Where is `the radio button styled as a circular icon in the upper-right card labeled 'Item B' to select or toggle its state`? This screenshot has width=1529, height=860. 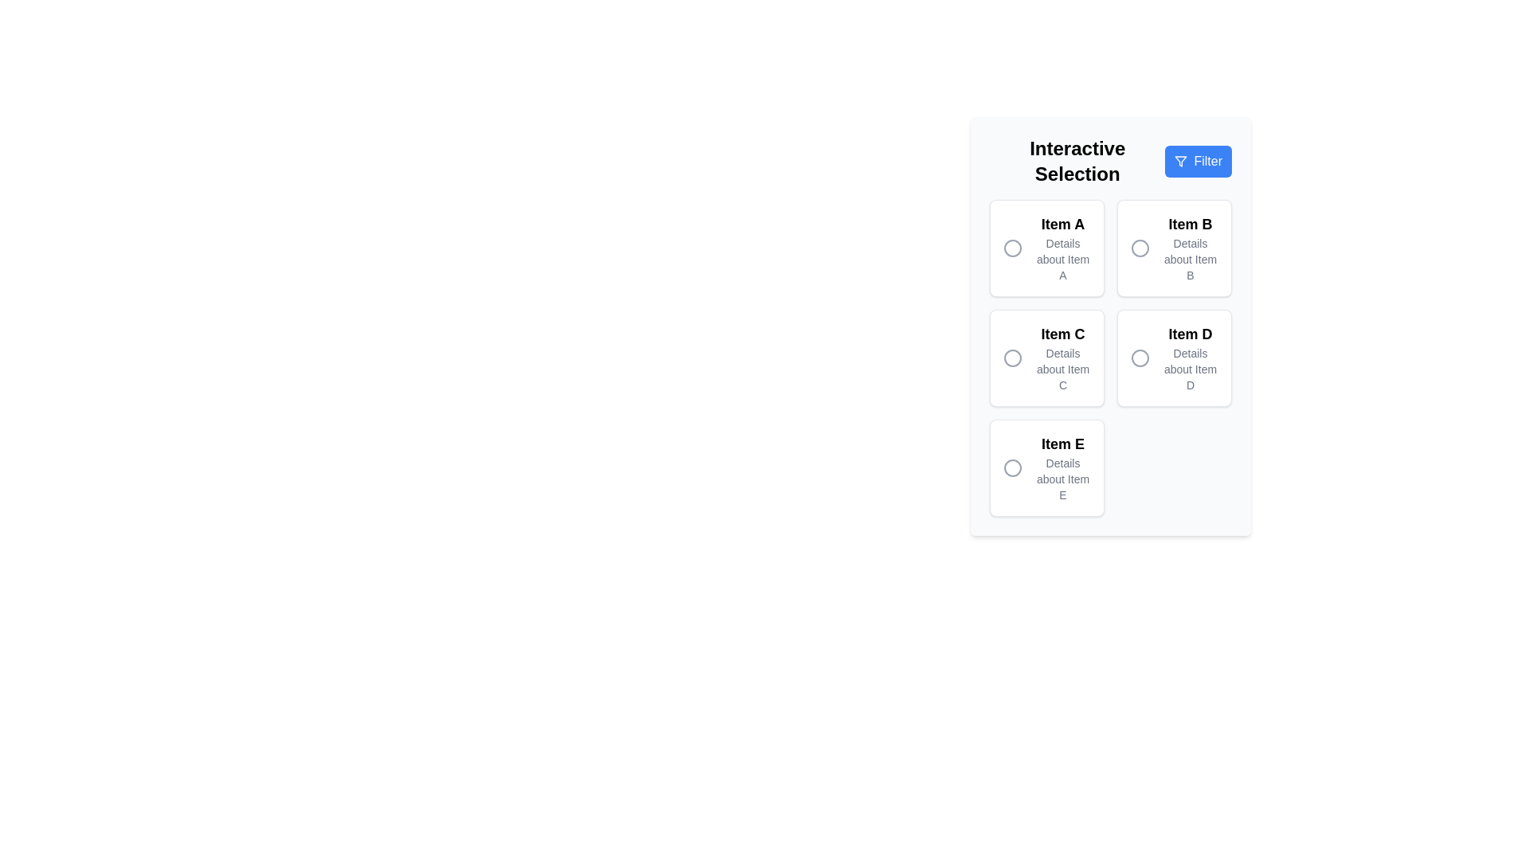
the radio button styled as a circular icon in the upper-right card labeled 'Item B' to select or toggle its state is located at coordinates (1139, 248).